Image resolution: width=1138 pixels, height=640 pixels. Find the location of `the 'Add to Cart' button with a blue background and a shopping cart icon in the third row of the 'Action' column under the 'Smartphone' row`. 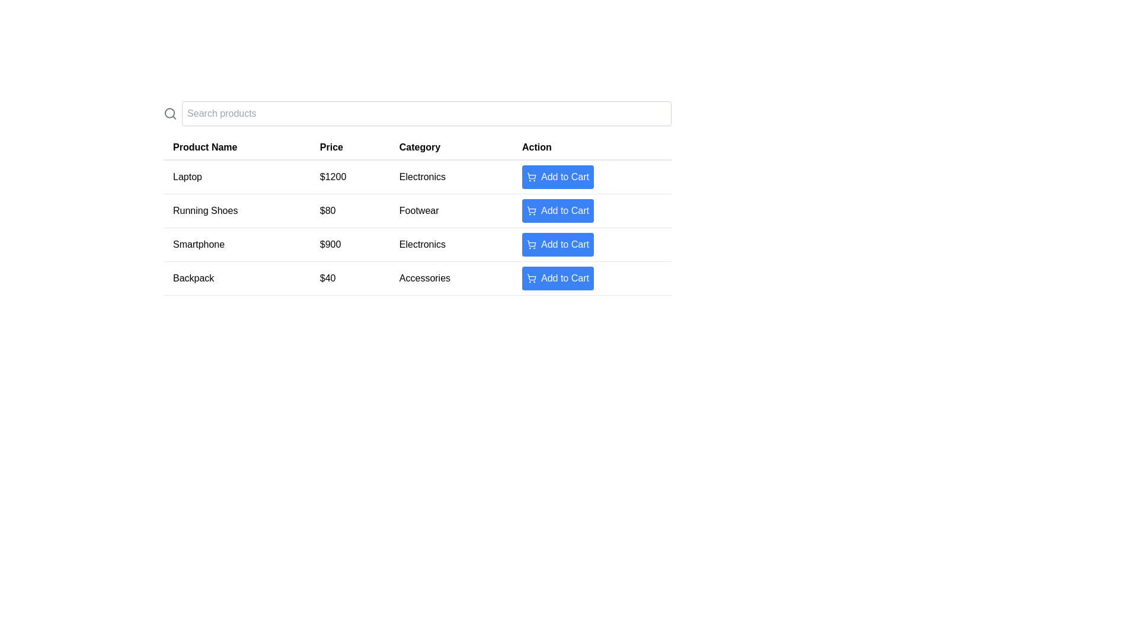

the 'Add to Cart' button with a blue background and a shopping cart icon in the third row of the 'Action' column under the 'Smartphone' row is located at coordinates (557, 244).